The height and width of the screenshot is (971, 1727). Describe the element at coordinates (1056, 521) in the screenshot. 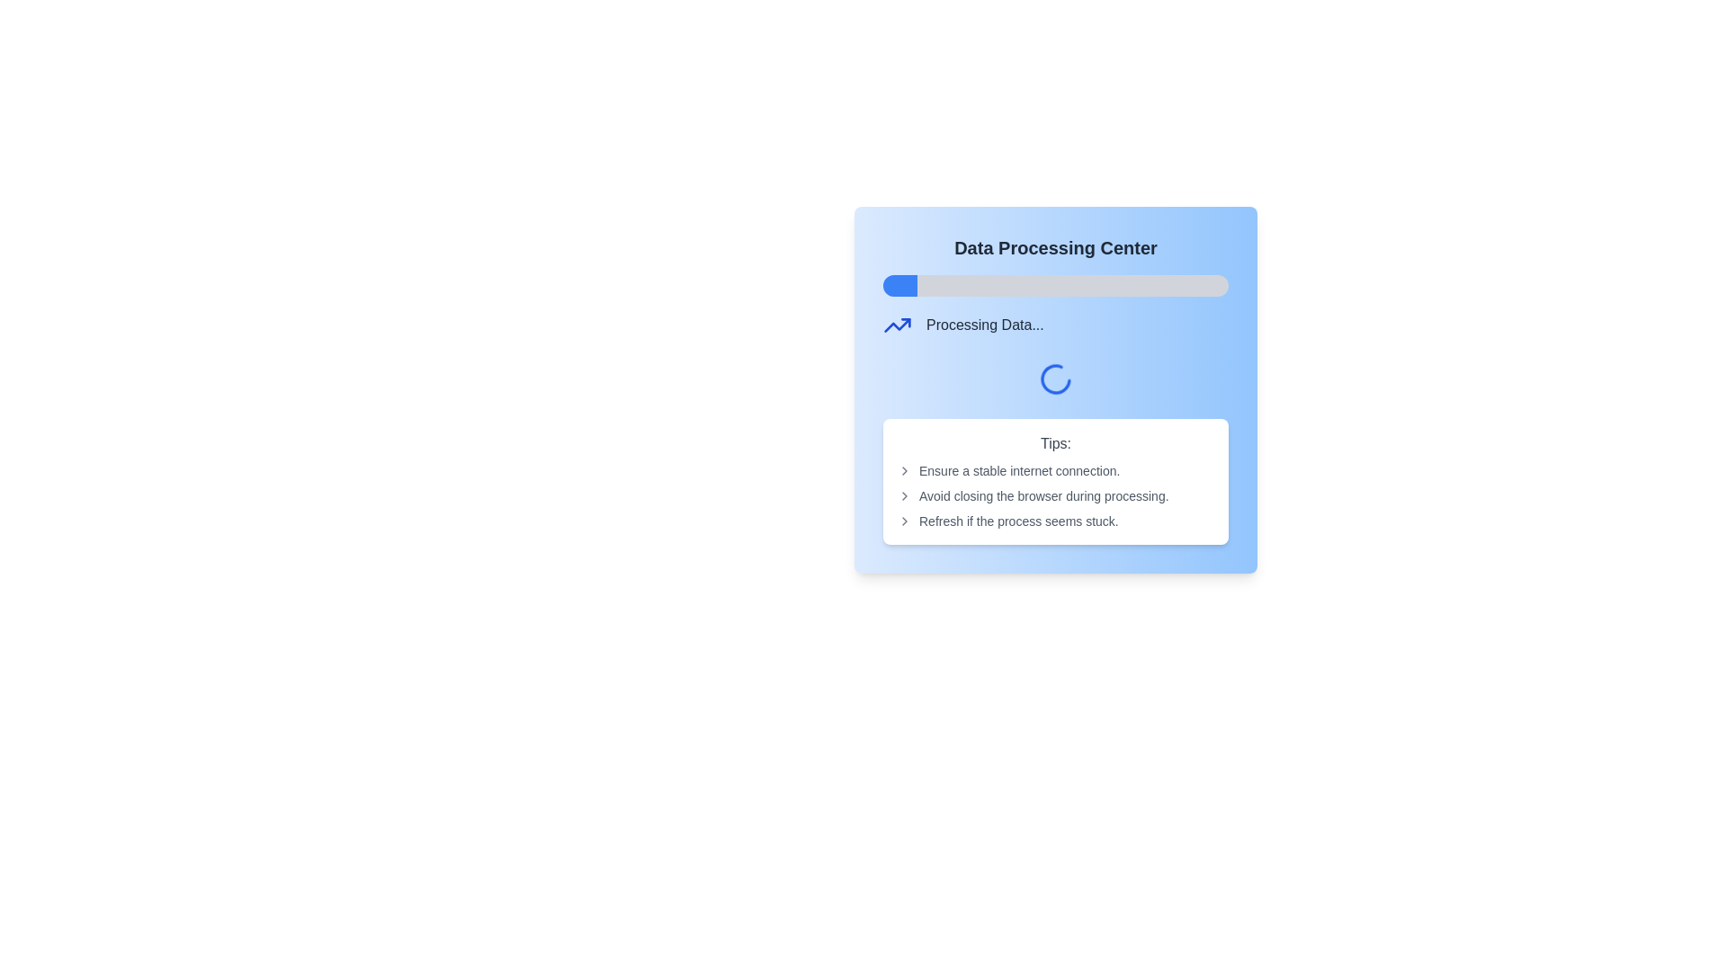

I see `the instructional text at the bottom of the tips list that advises users to refresh the page if the process appears to have stalled` at that location.